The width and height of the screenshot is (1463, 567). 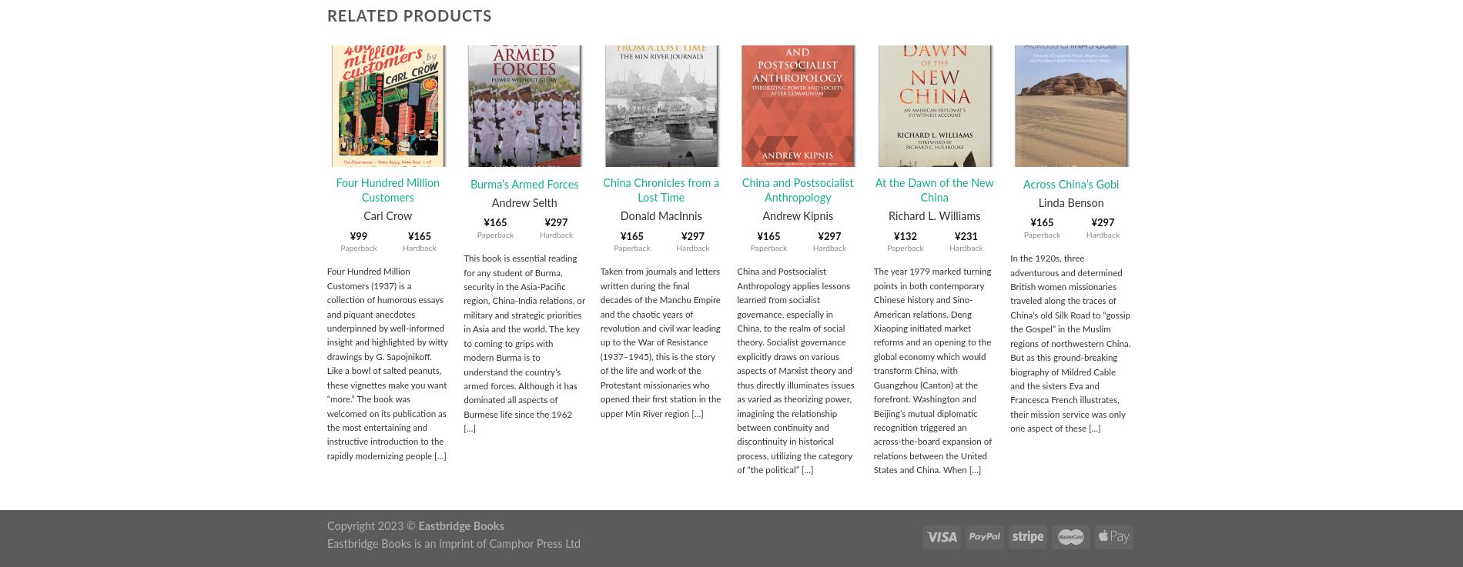 I want to click on 'Copyright 2023 ©', so click(x=372, y=525).